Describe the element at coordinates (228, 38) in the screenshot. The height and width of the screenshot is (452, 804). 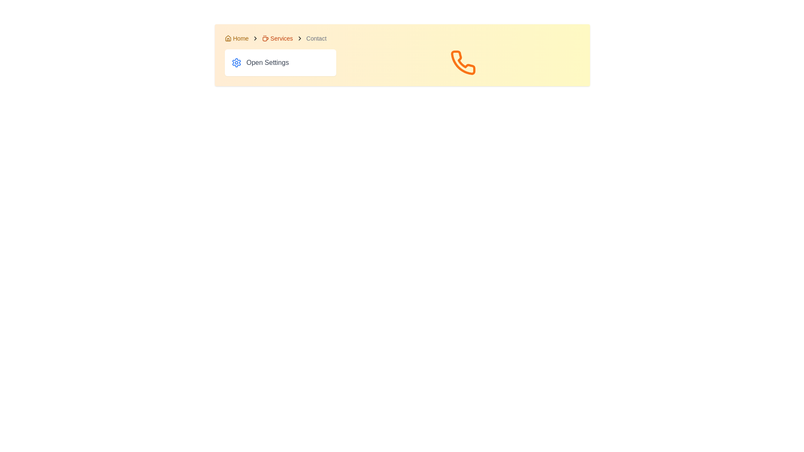
I see `the 'Home' icon, which is a vector graphic icon resembling a house with a triangular roof and rectangular base in the breadcrumb navigation bar` at that location.